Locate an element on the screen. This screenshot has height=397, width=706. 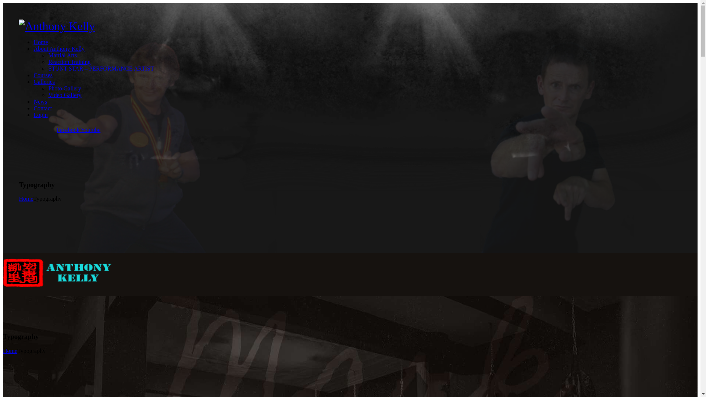
'Photo Gallery' is located at coordinates (64, 88).